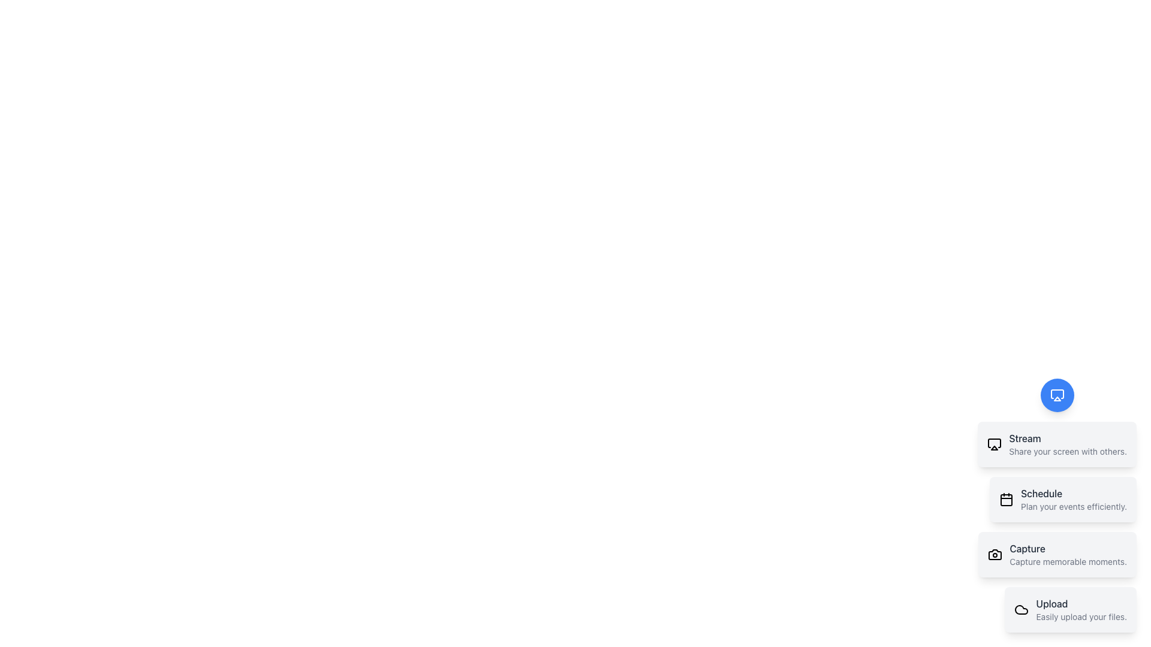 This screenshot has width=1151, height=647. I want to click on the 'Toggle Actions' button located at the bottom-right corner of the interface, so click(1057, 395).